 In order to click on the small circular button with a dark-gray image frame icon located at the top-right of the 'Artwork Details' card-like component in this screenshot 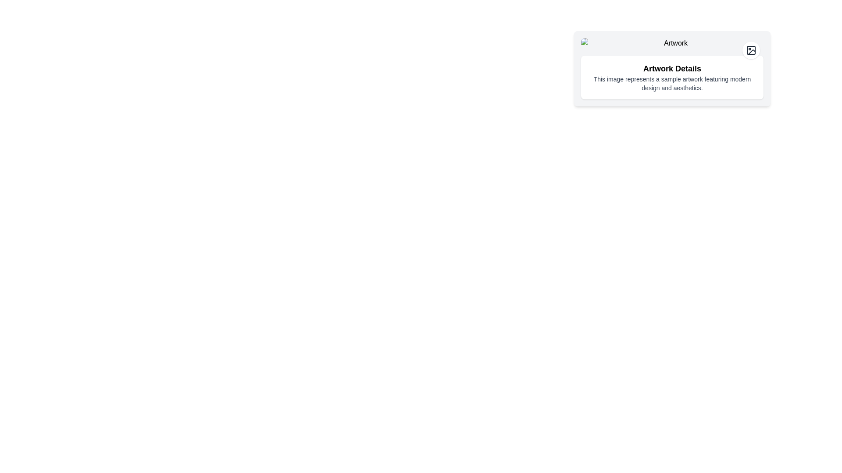, I will do `click(751, 50)`.